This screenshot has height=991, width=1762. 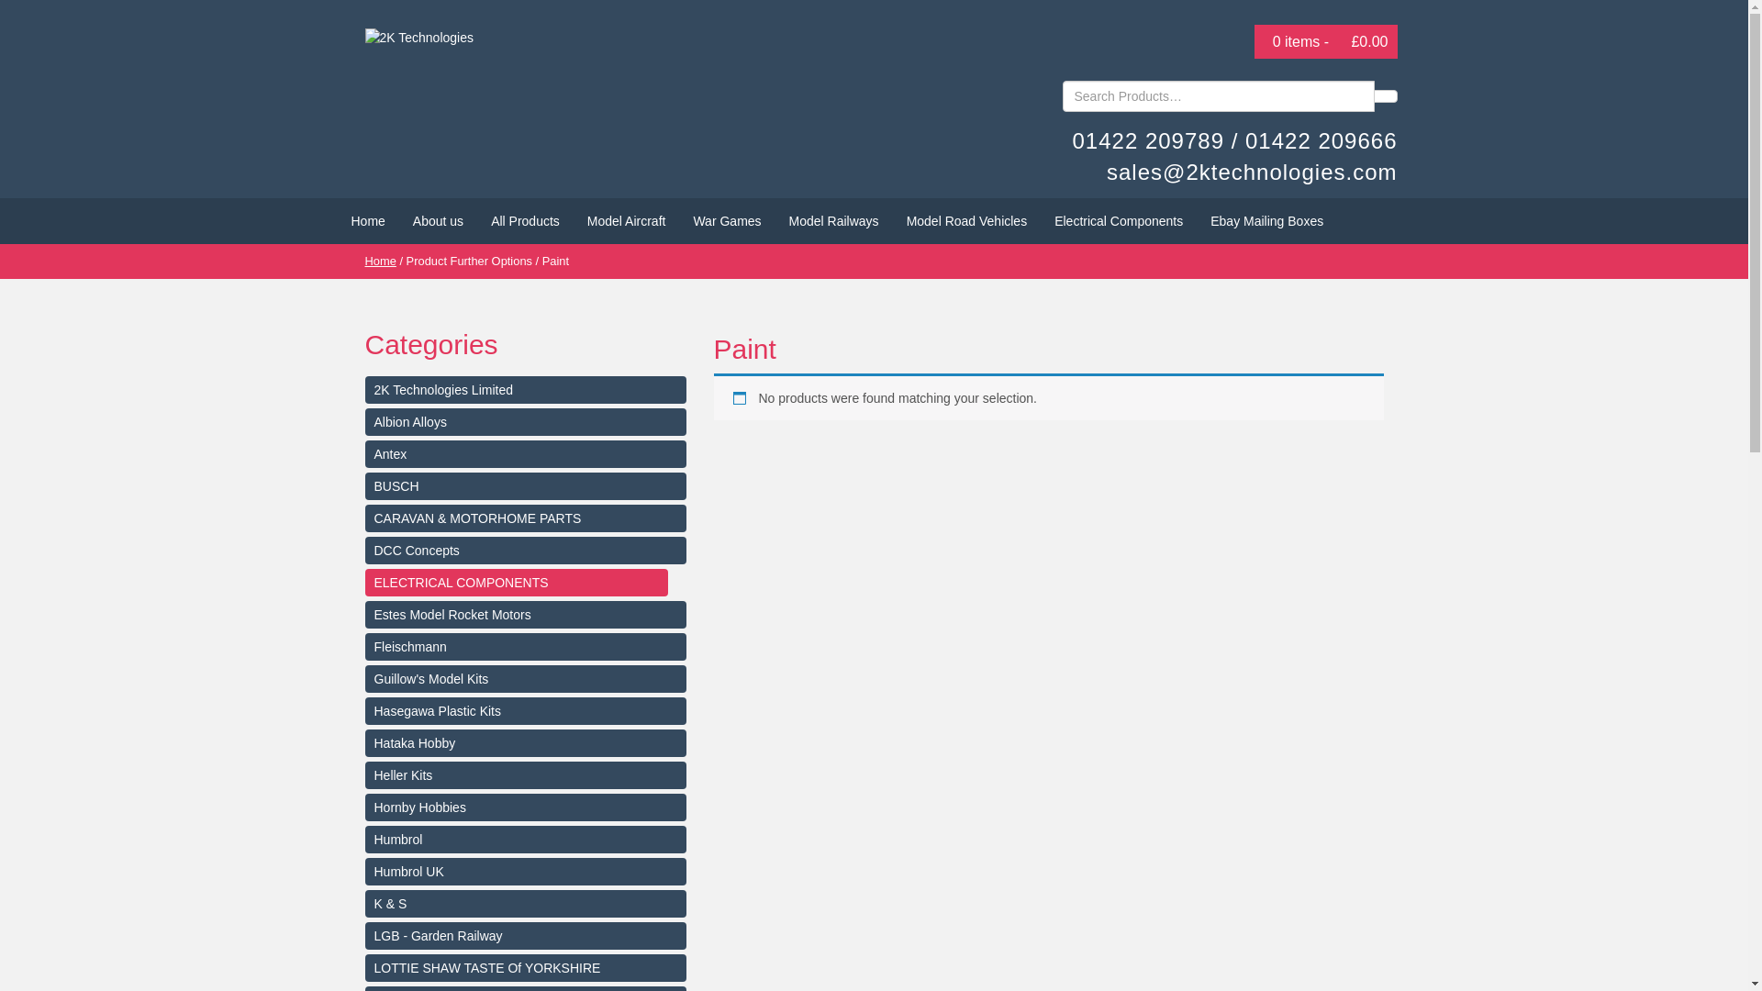 What do you see at coordinates (775, 219) in the screenshot?
I see `'Model Railways'` at bounding box center [775, 219].